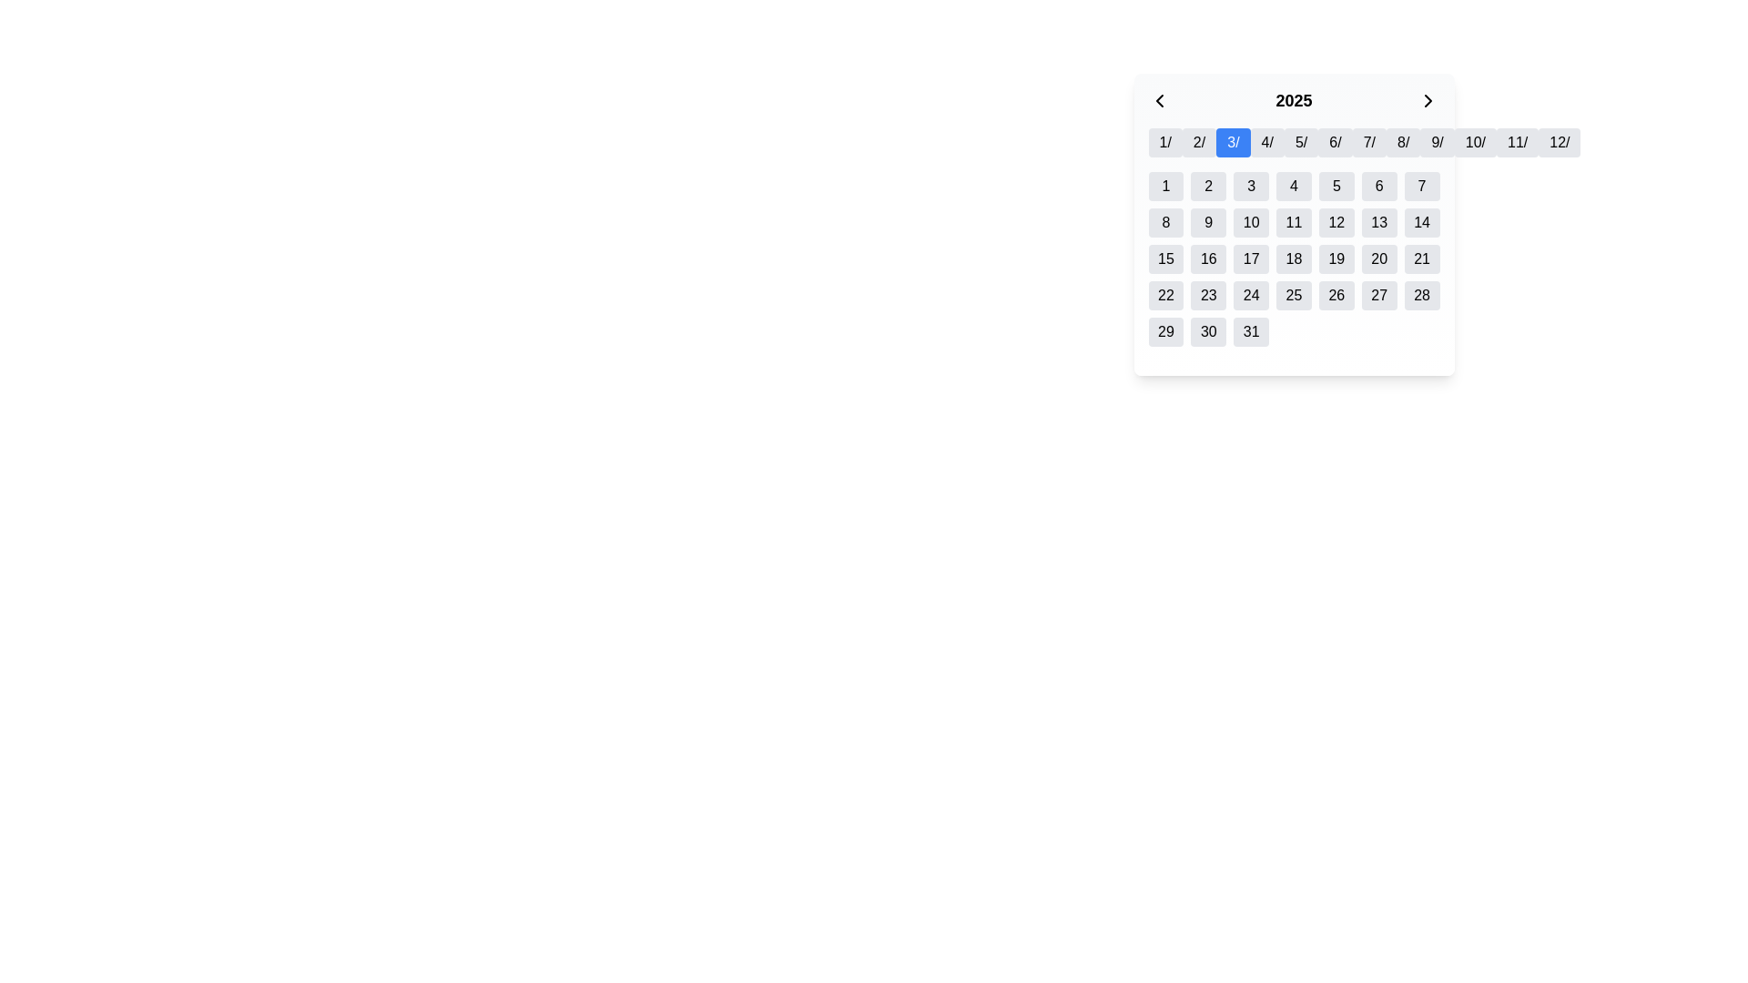 This screenshot has width=1748, height=983. What do you see at coordinates (1158, 101) in the screenshot?
I see `the left chevron button located at the far left of the top bar in the date picker interface` at bounding box center [1158, 101].